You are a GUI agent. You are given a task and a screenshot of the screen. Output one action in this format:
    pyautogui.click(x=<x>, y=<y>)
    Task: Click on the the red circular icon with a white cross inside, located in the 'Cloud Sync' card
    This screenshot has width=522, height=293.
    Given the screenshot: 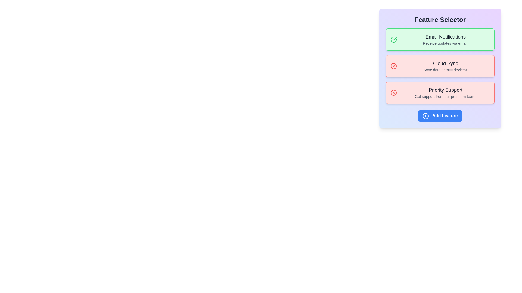 What is the action you would take?
    pyautogui.click(x=394, y=66)
    